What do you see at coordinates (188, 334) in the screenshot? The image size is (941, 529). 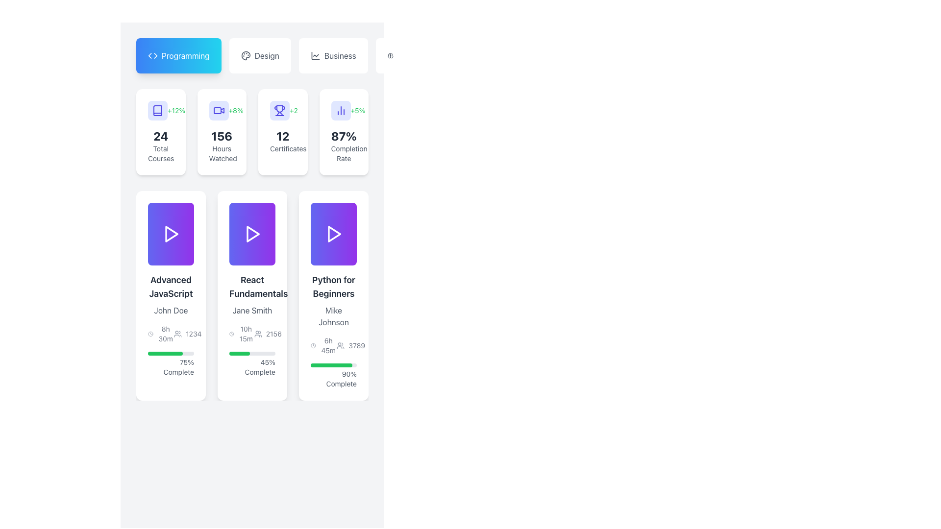 I see `the text label indicating the number of users interested in the 'Advanced JavaScript' course, located in the bottom-left section of the card` at bounding box center [188, 334].